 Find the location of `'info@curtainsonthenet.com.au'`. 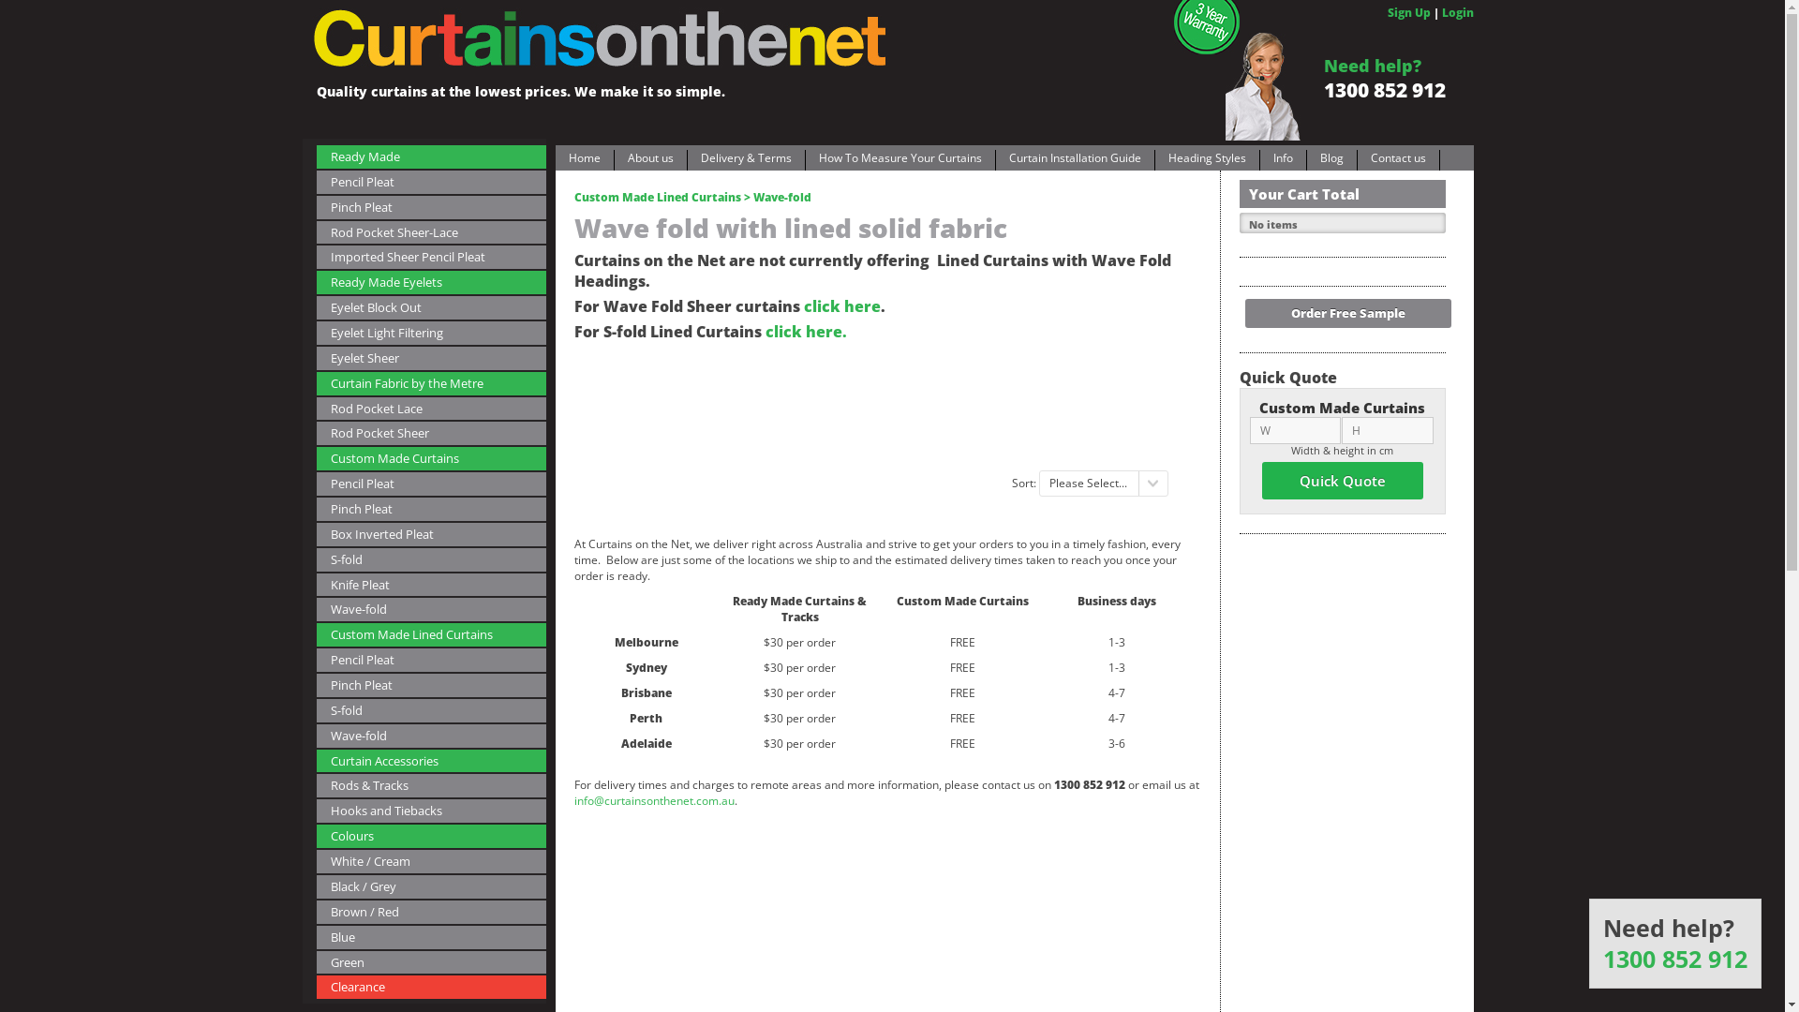

'info@curtainsonthenet.com.au' is located at coordinates (653, 800).